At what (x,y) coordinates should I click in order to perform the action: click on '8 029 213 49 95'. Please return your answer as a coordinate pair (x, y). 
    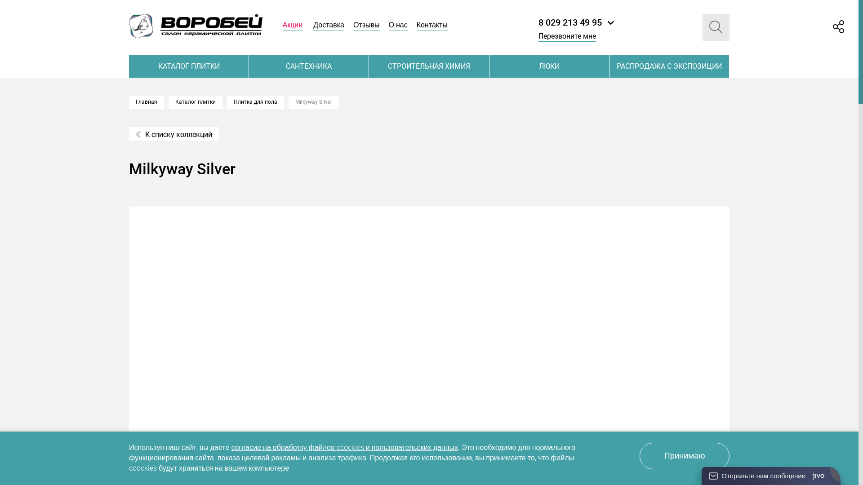
    Looking at the image, I should click on (538, 22).